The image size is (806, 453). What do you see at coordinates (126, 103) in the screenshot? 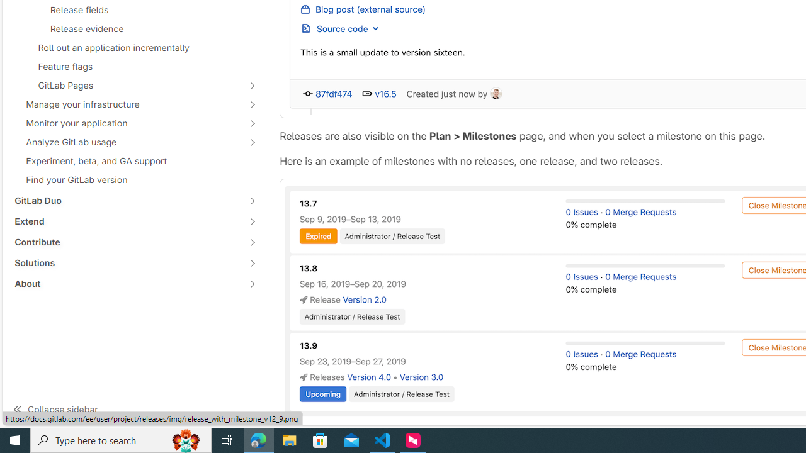
I see `'Manage your infrastructure'` at bounding box center [126, 103].